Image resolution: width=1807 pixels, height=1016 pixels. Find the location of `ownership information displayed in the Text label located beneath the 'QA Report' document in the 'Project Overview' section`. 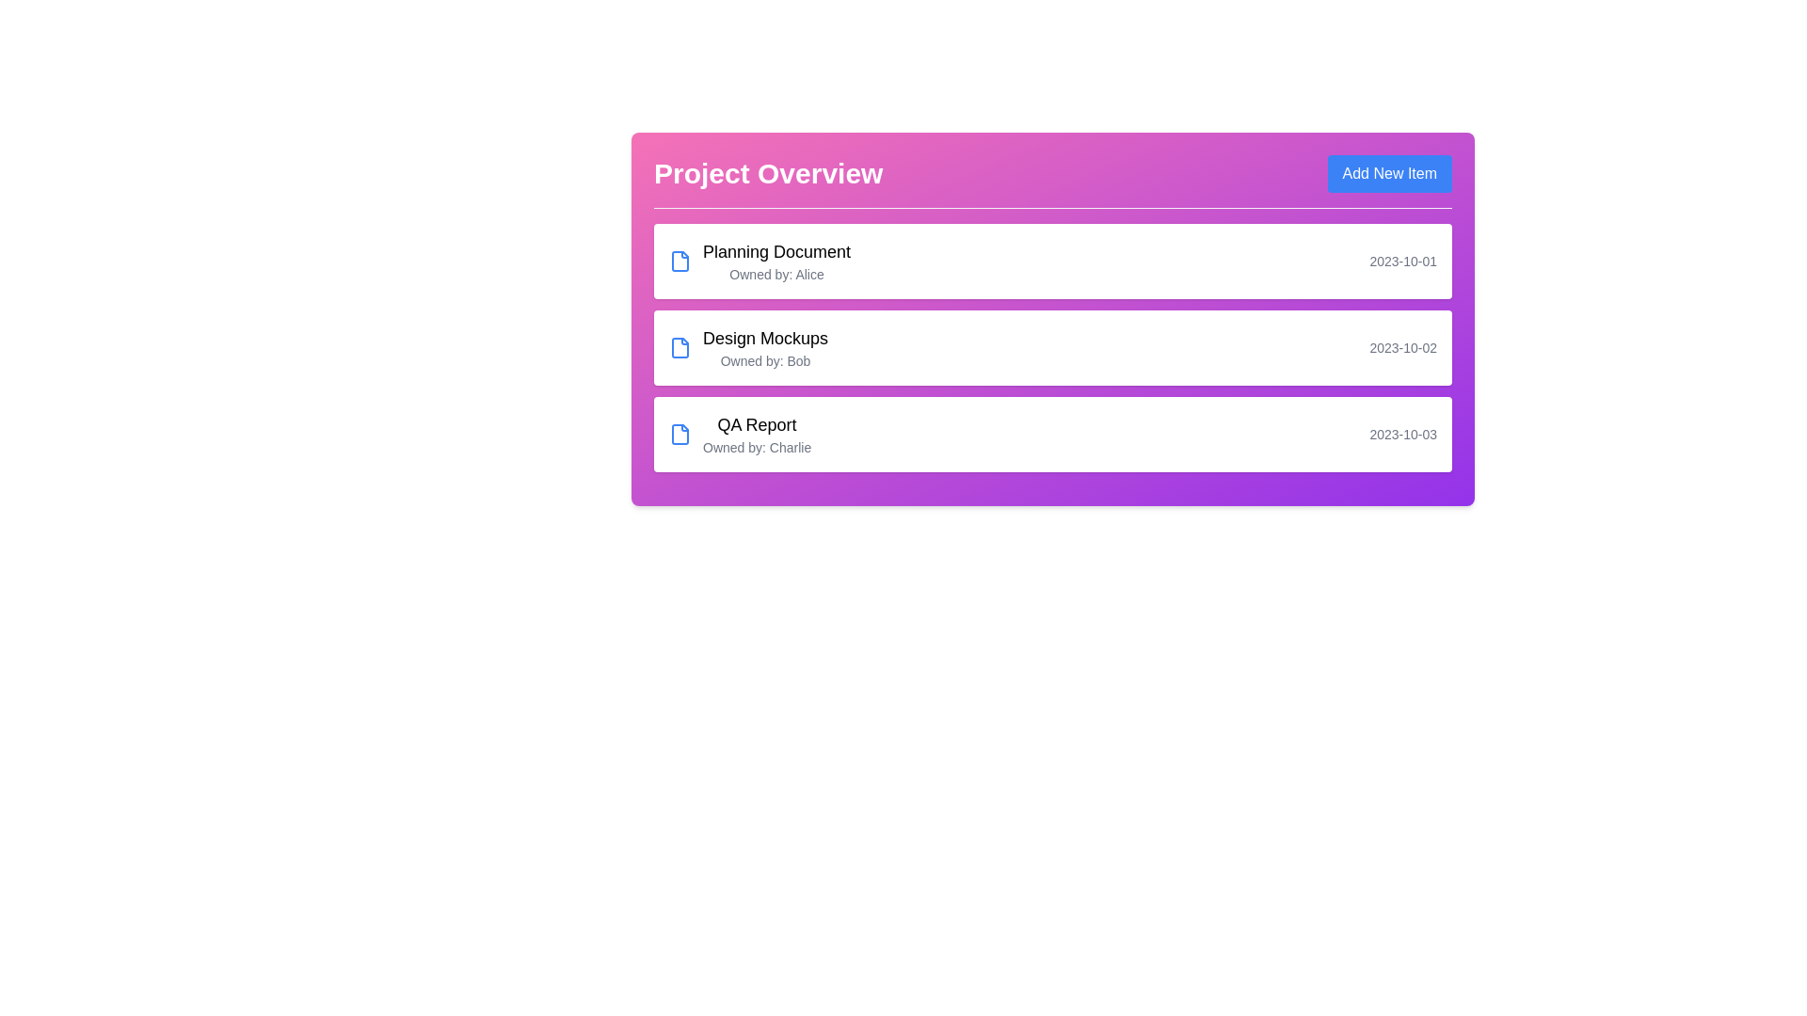

ownership information displayed in the Text label located beneath the 'QA Report' document in the 'Project Overview' section is located at coordinates (757, 447).